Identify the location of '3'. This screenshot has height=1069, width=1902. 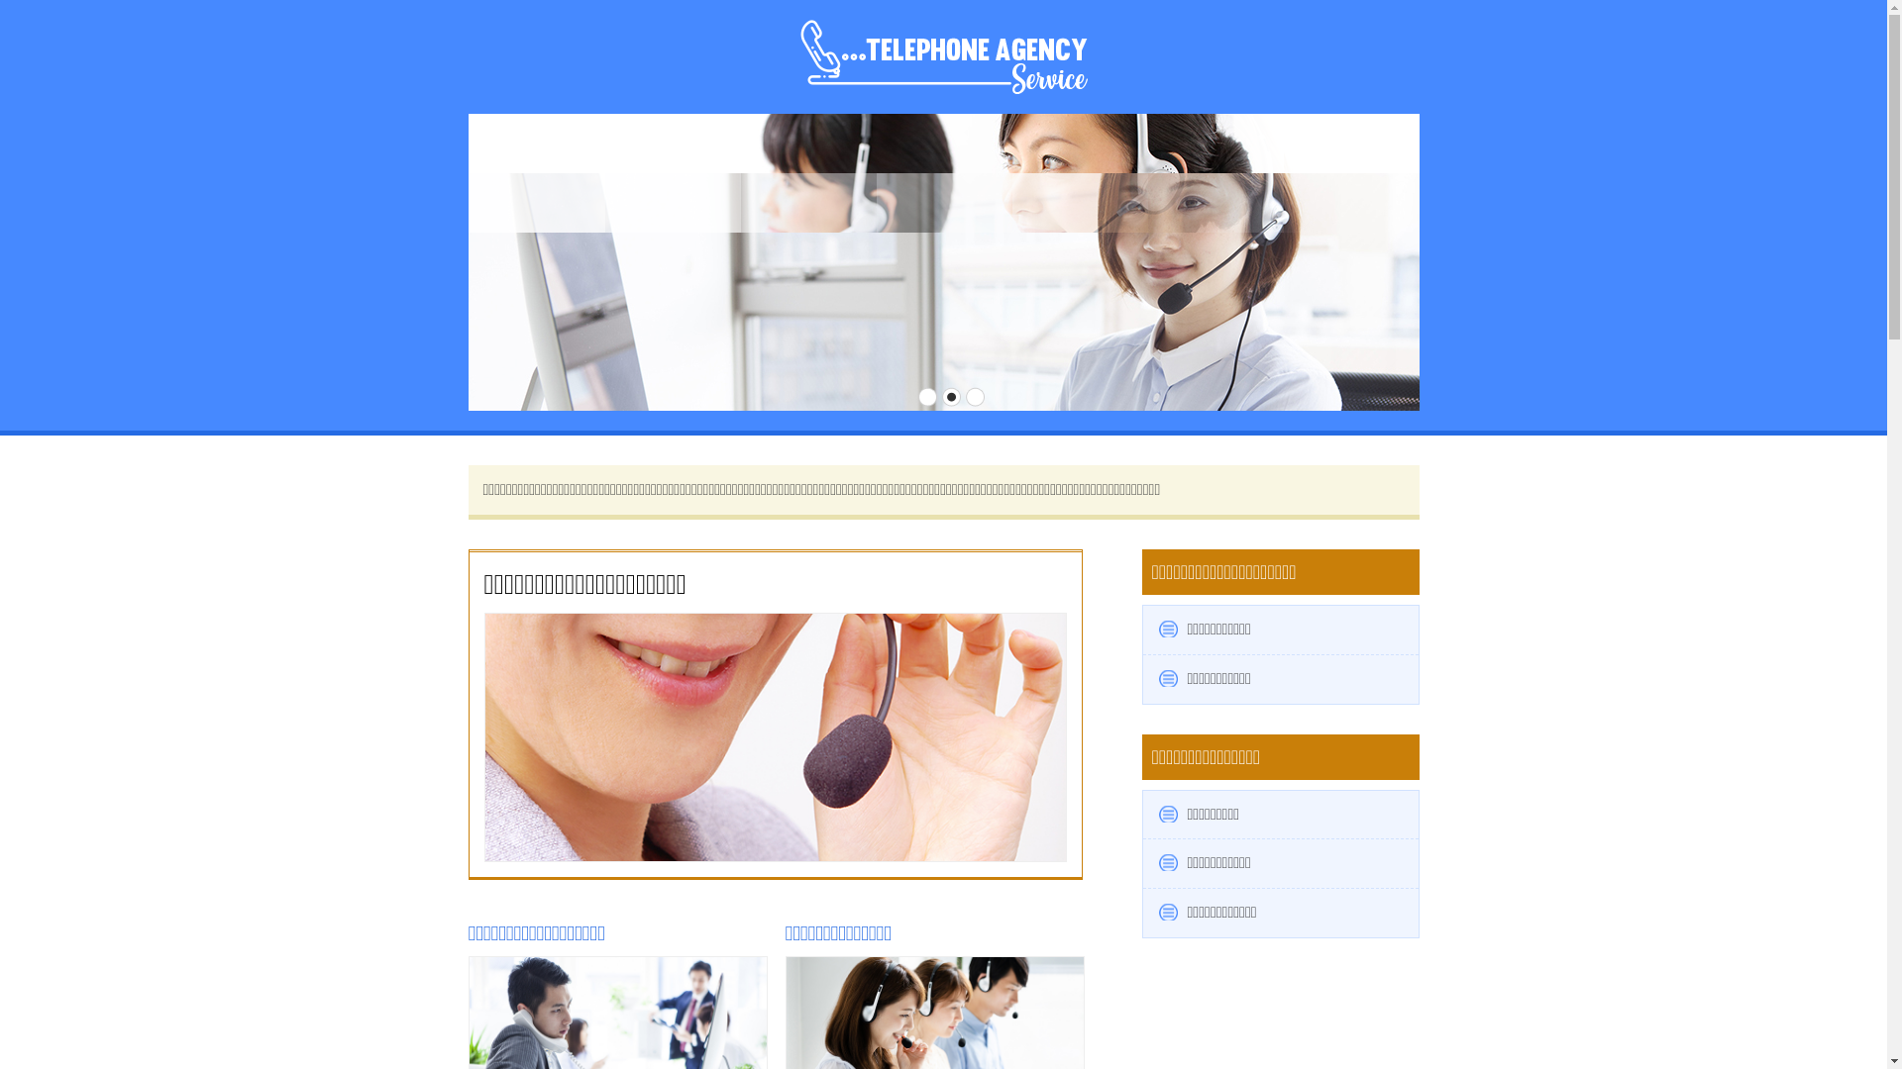
(975, 397).